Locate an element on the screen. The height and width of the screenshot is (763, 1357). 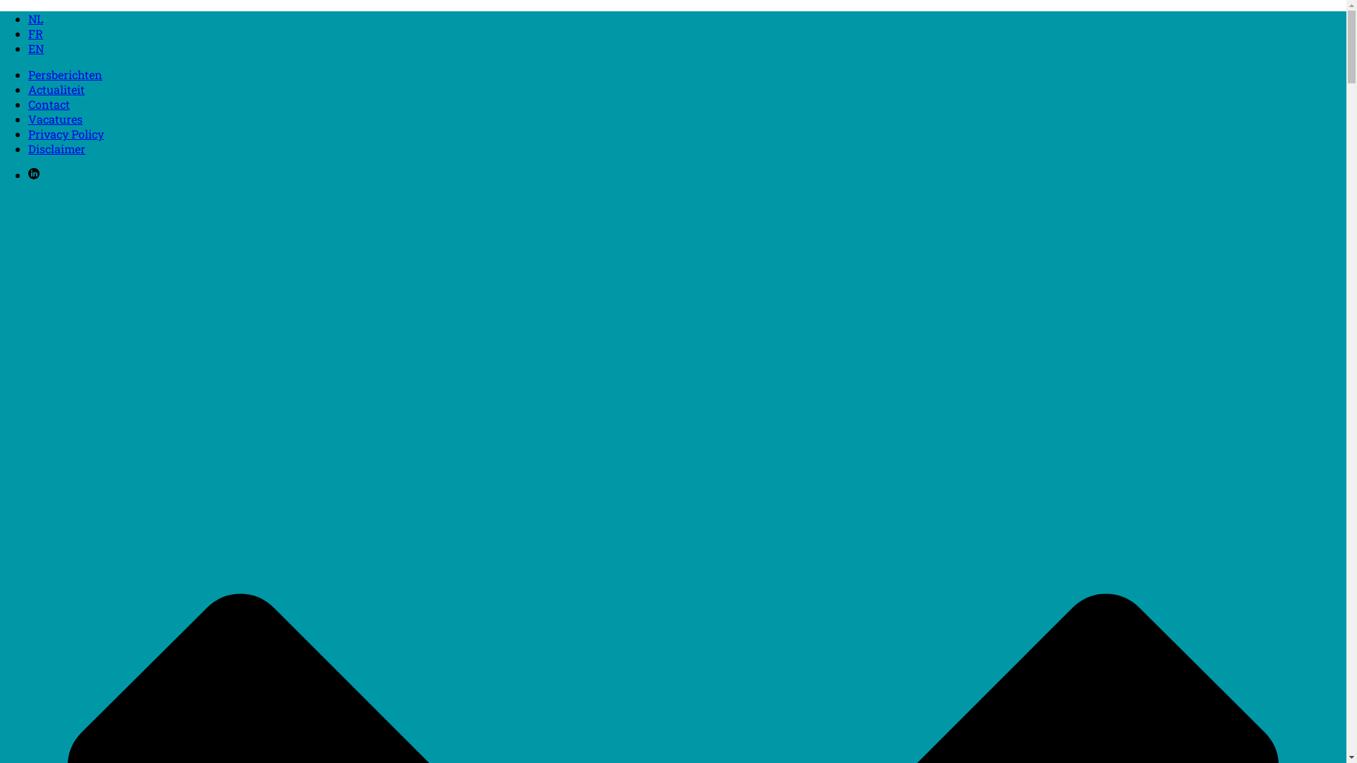
'Disclaimer' is located at coordinates (28, 148).